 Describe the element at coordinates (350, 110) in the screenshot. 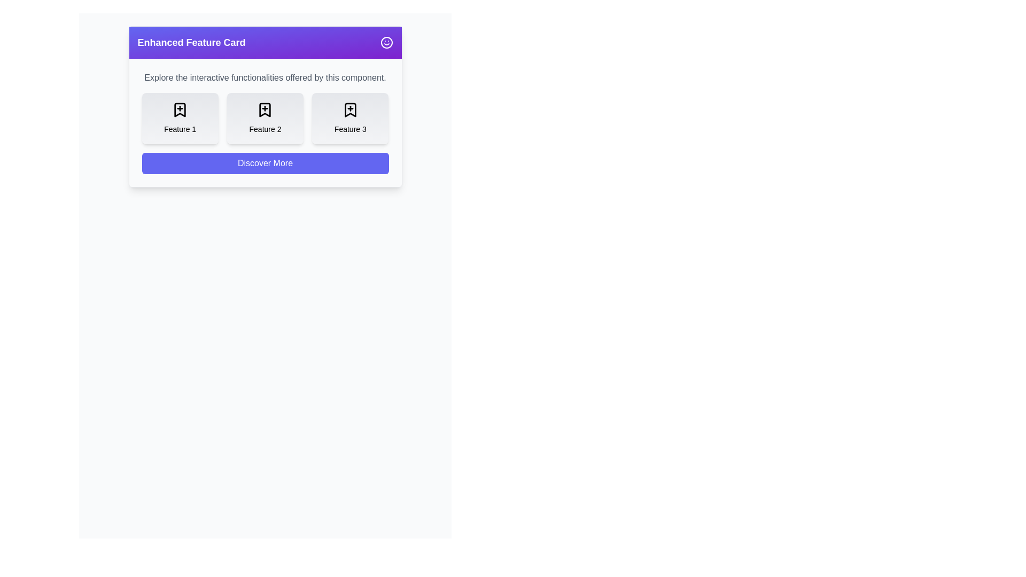

I see `the inner glyph of the third feature icon` at that location.